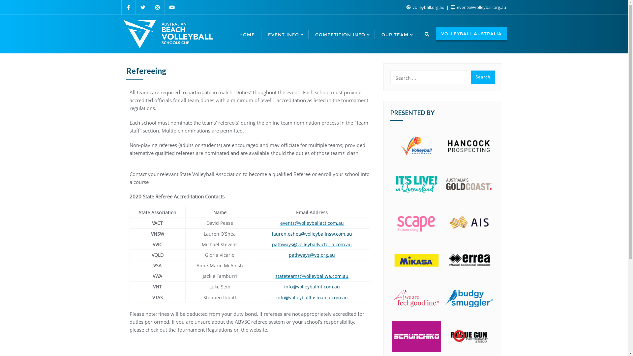  I want to click on 'Search', so click(483, 77).